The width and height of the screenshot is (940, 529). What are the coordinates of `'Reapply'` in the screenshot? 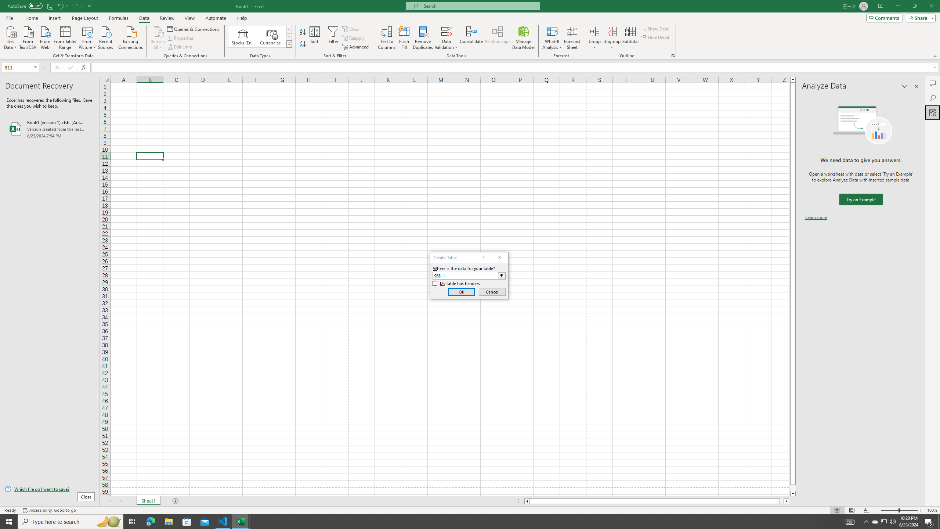 It's located at (354, 38).